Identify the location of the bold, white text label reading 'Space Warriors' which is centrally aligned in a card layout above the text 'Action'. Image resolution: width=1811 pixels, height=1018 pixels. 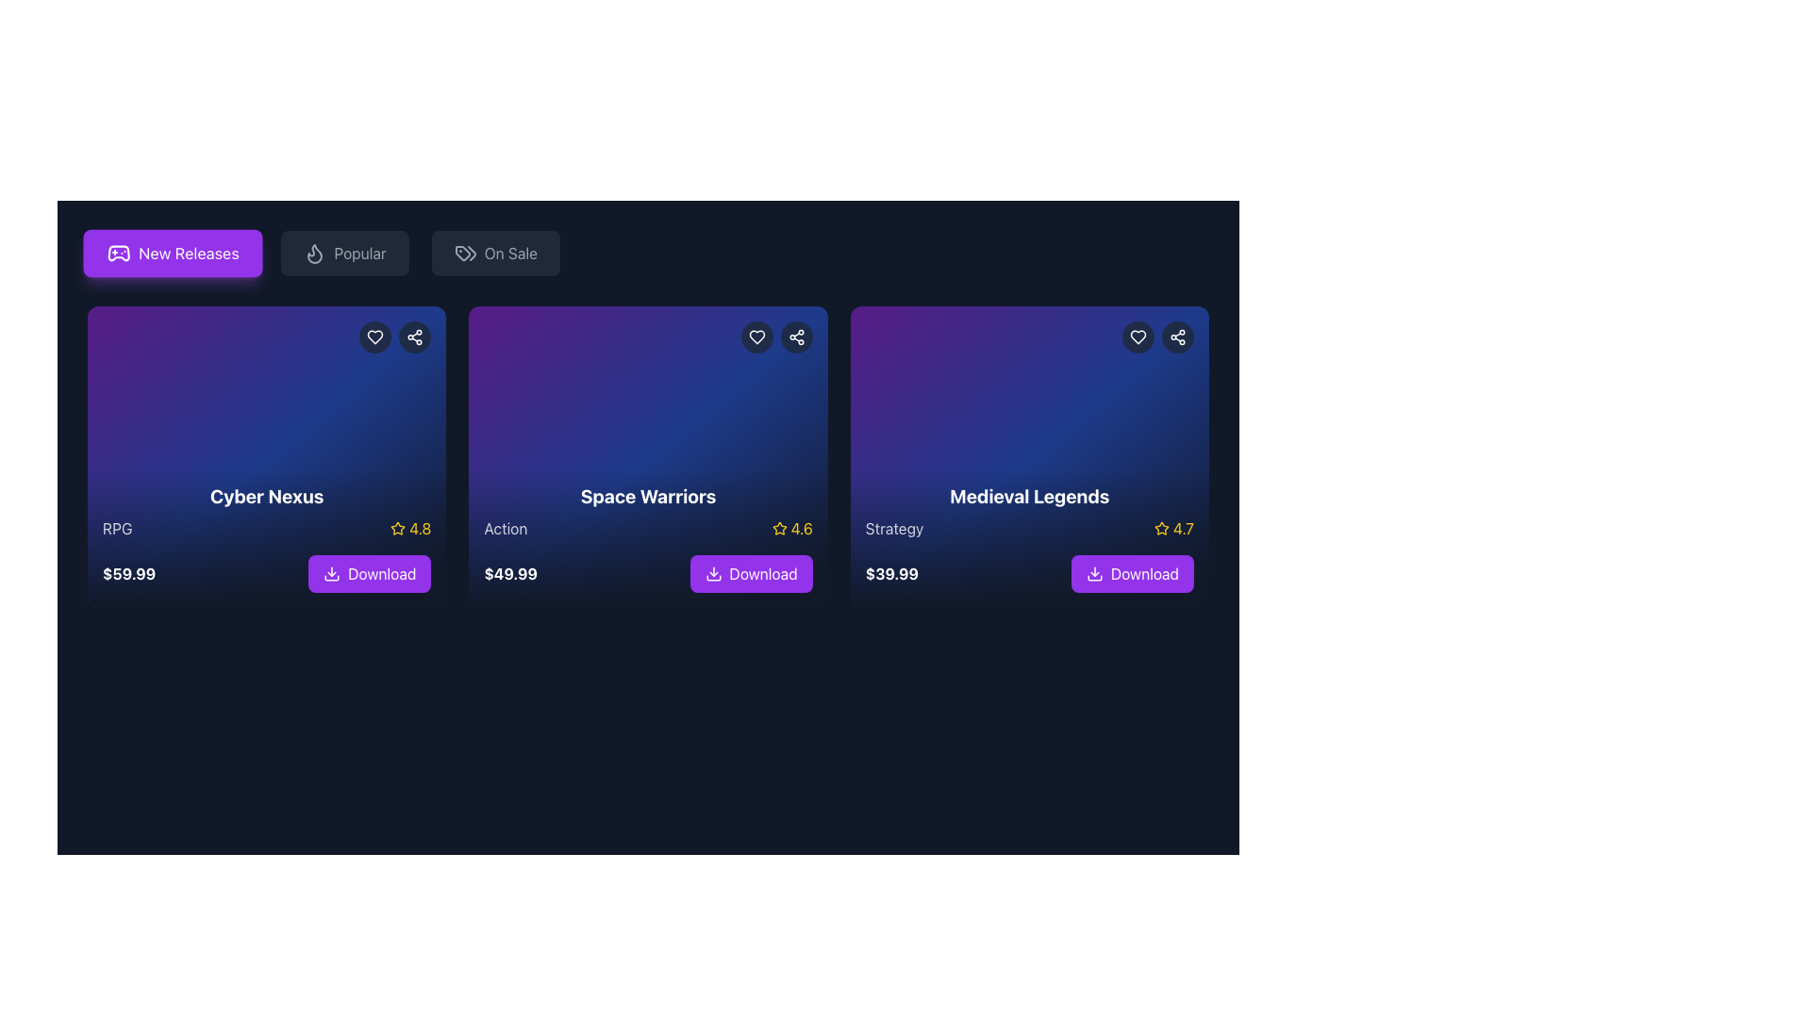
(648, 496).